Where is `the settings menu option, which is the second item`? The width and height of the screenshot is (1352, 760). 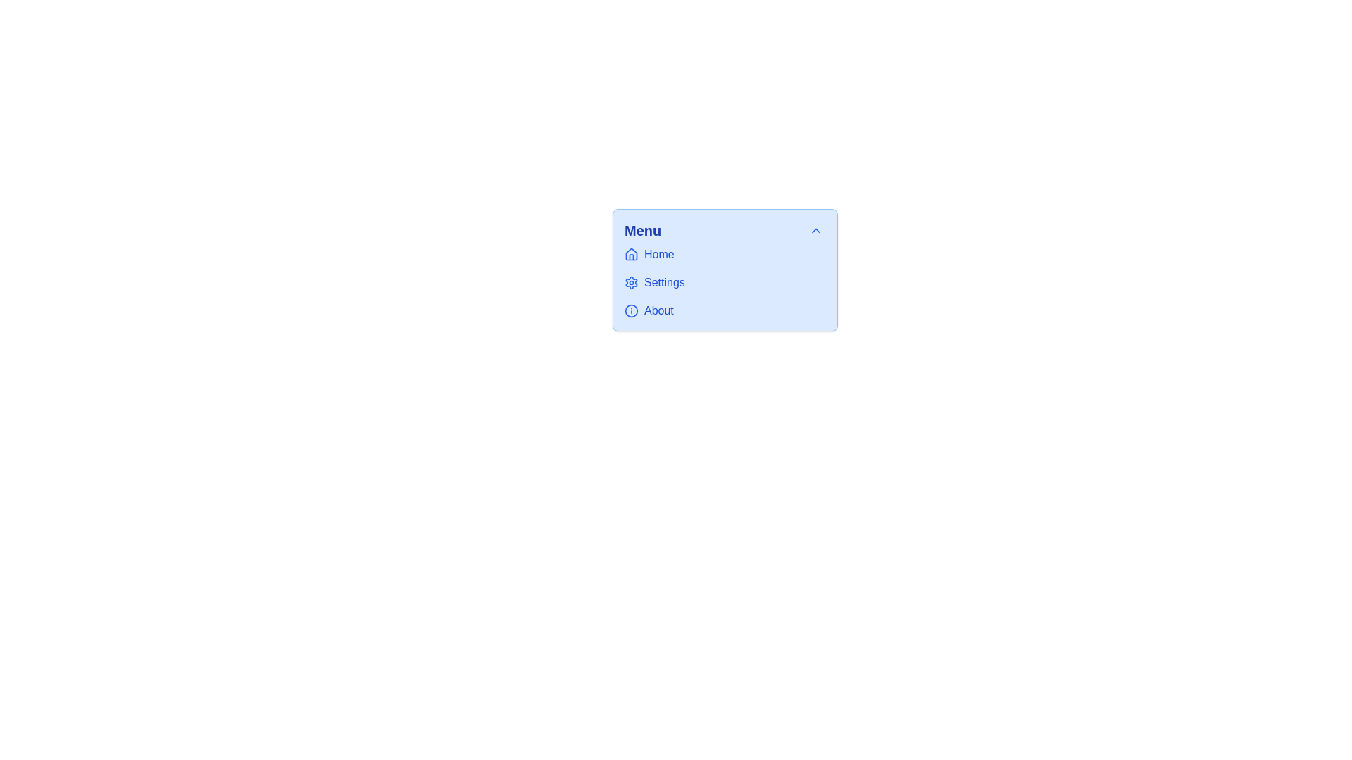 the settings menu option, which is the second item is located at coordinates (725, 282).